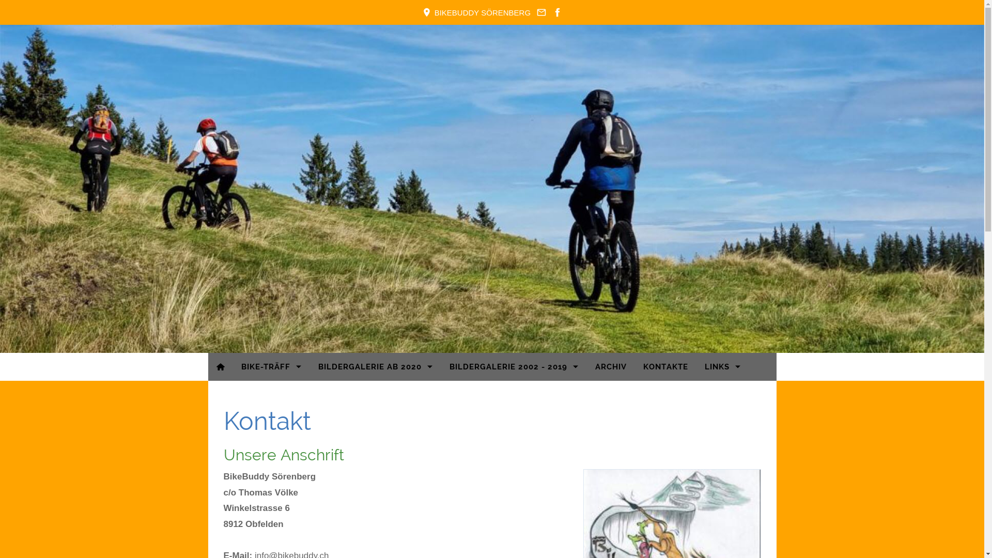  I want to click on 'ARCHIV', so click(587, 366).